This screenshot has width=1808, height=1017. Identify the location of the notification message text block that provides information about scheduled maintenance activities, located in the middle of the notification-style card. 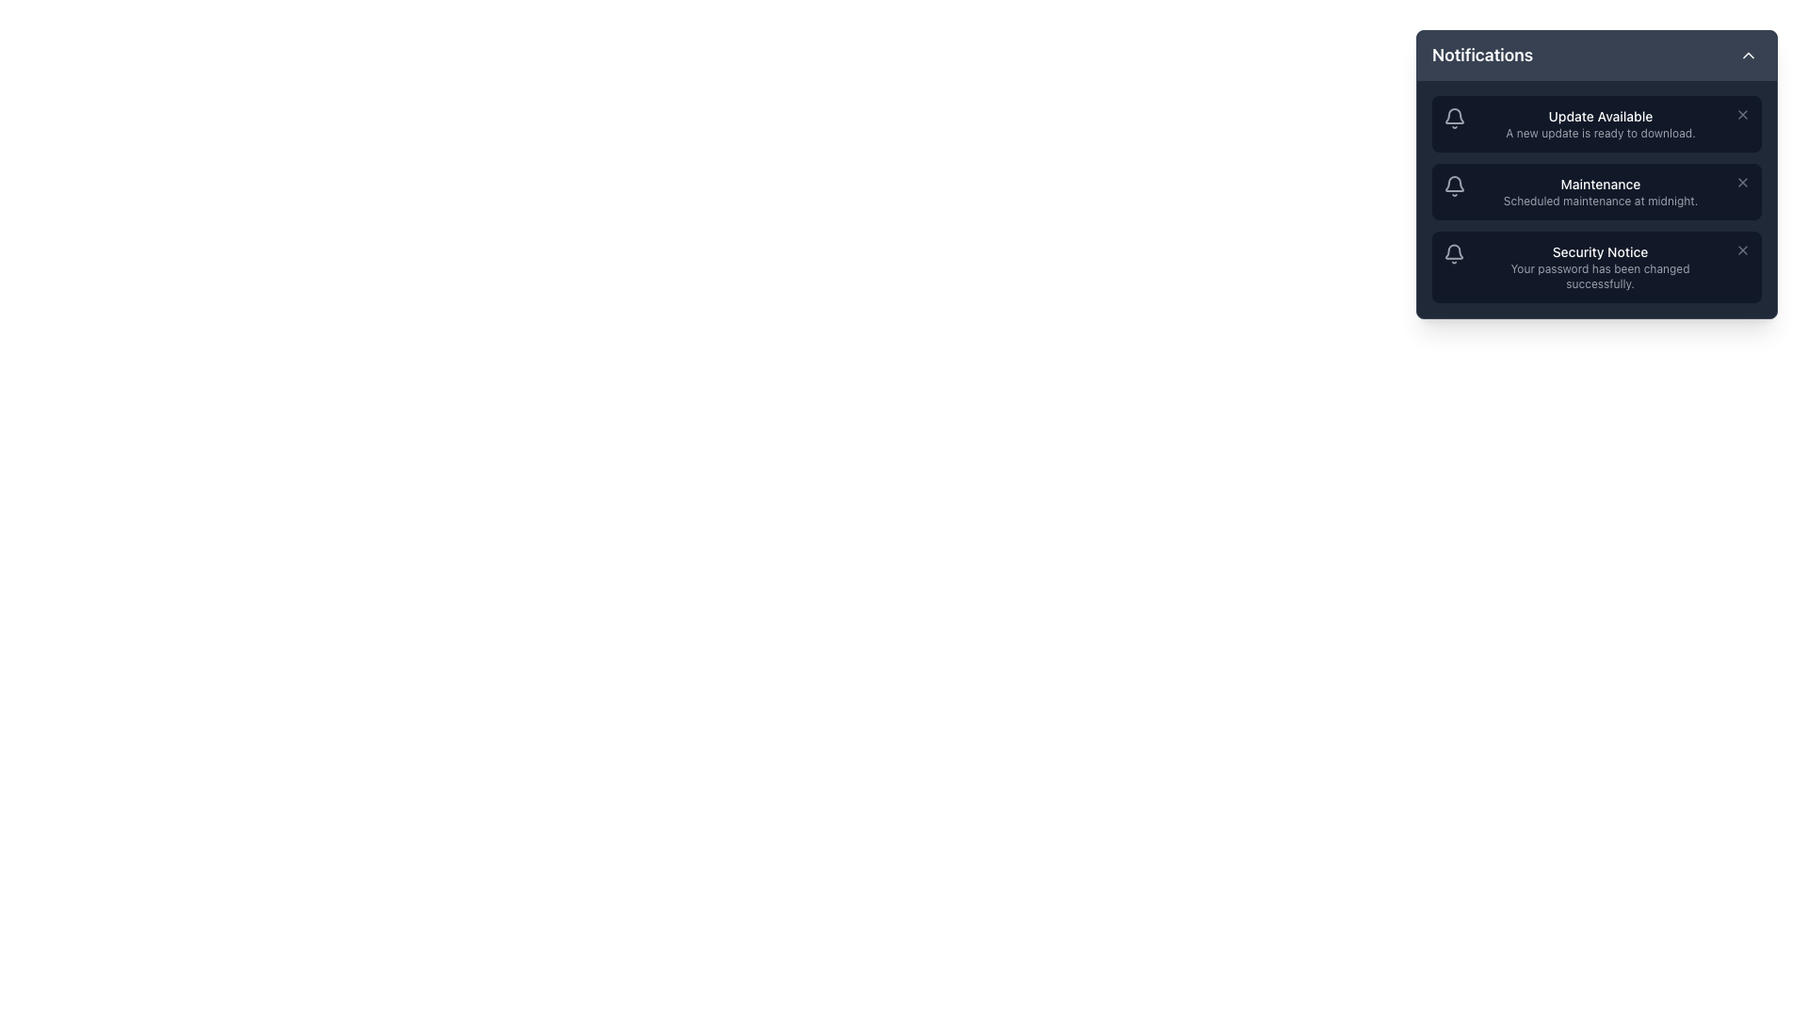
(1599, 192).